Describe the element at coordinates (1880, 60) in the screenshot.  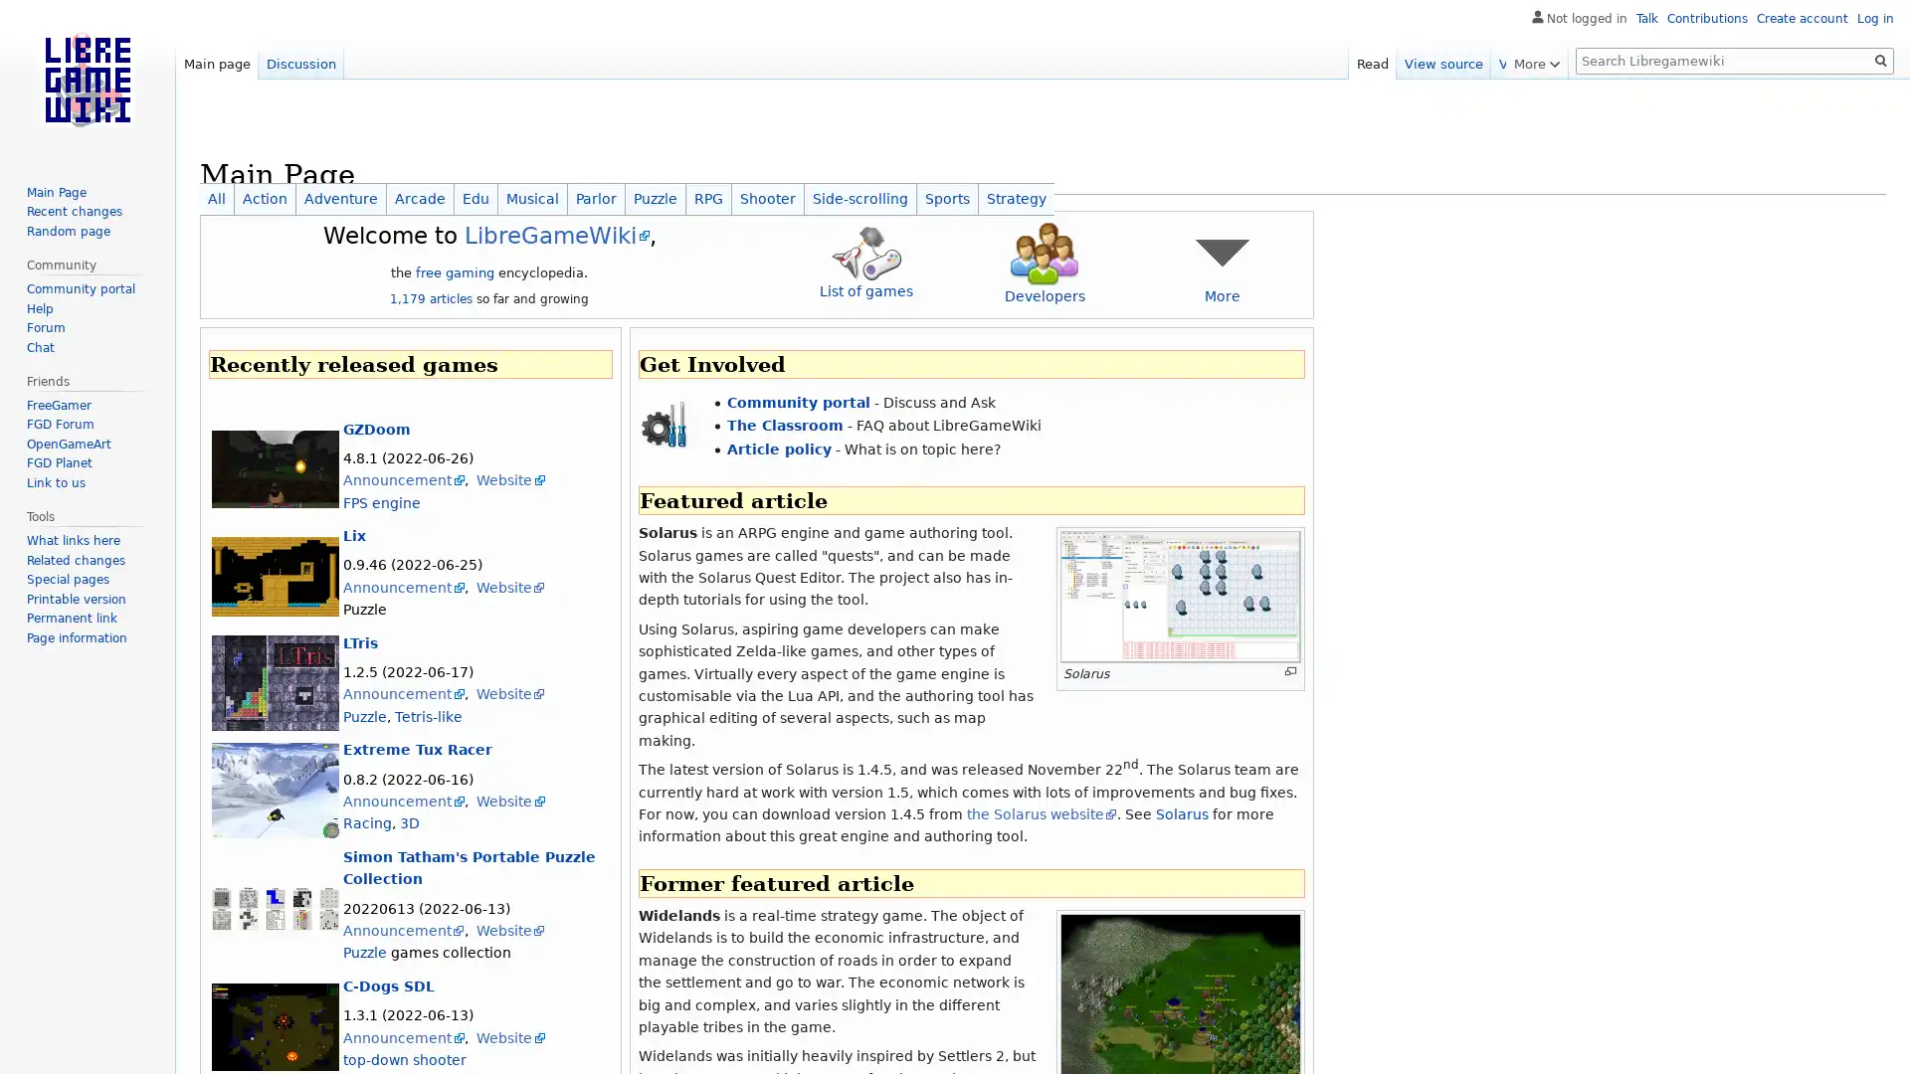
I see `Search` at that location.